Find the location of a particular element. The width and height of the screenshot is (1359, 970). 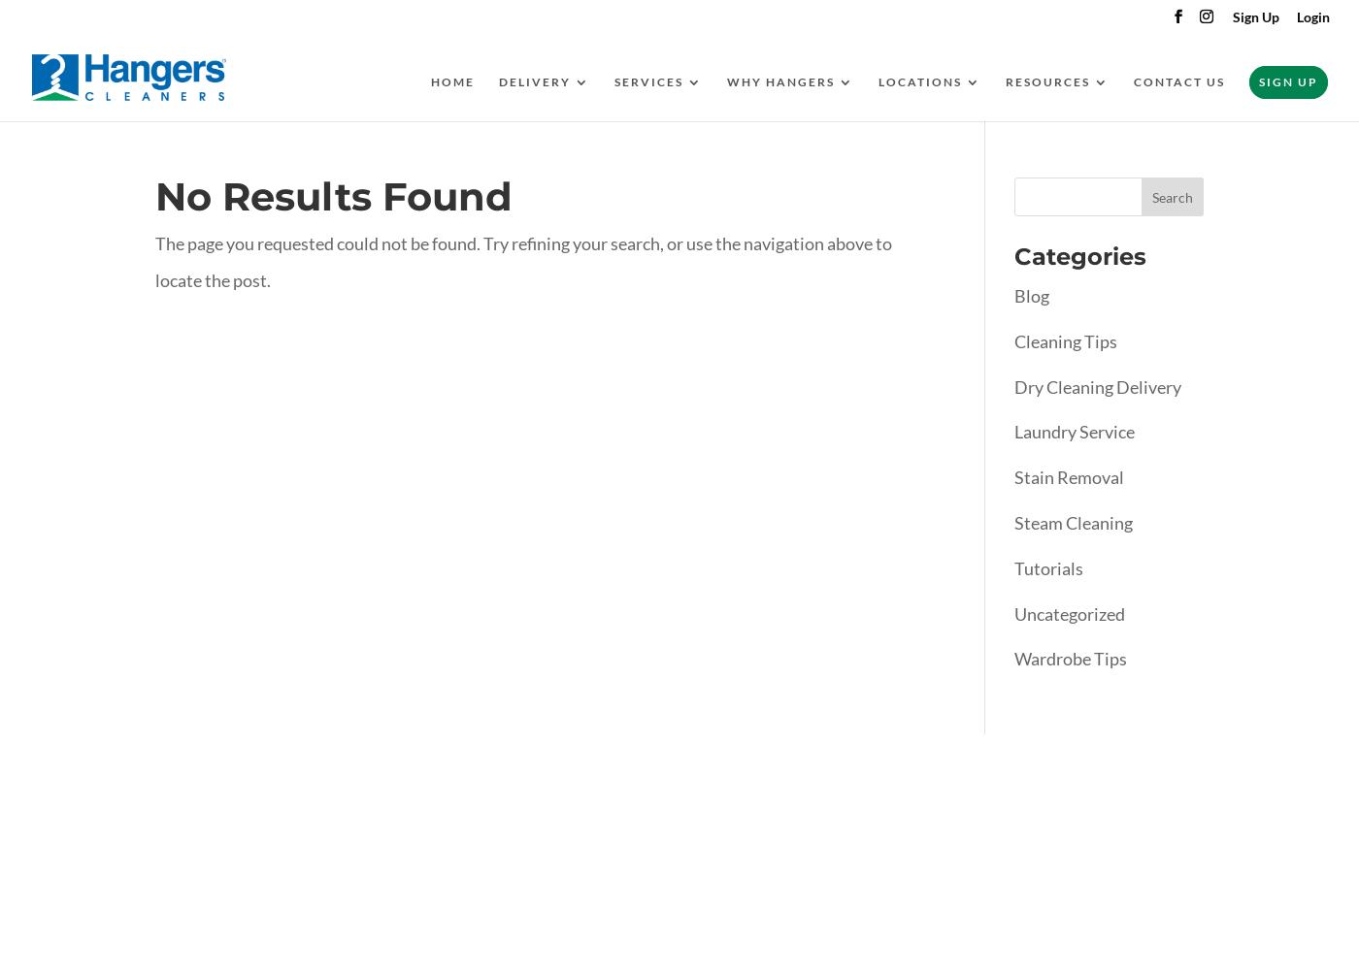

'Shirt & Blouse' is located at coordinates (712, 355).